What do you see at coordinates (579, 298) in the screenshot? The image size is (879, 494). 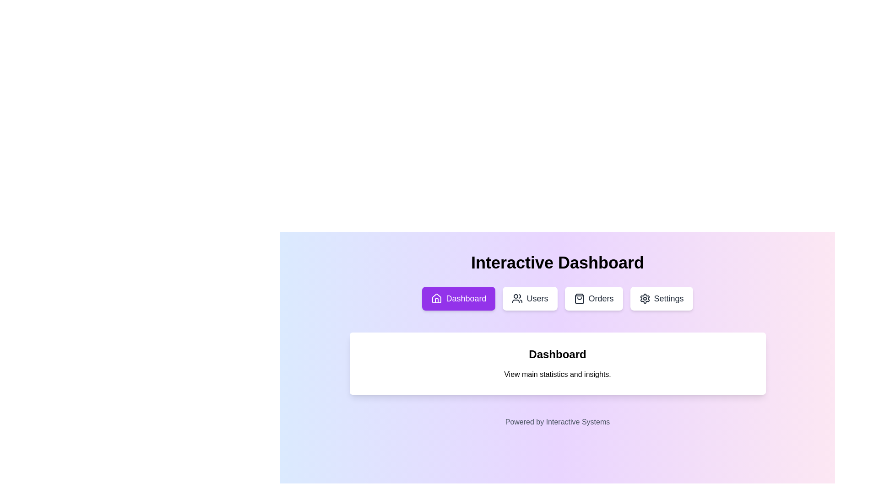 I see `the 'Orders' button in the top-center section of the interface` at bounding box center [579, 298].